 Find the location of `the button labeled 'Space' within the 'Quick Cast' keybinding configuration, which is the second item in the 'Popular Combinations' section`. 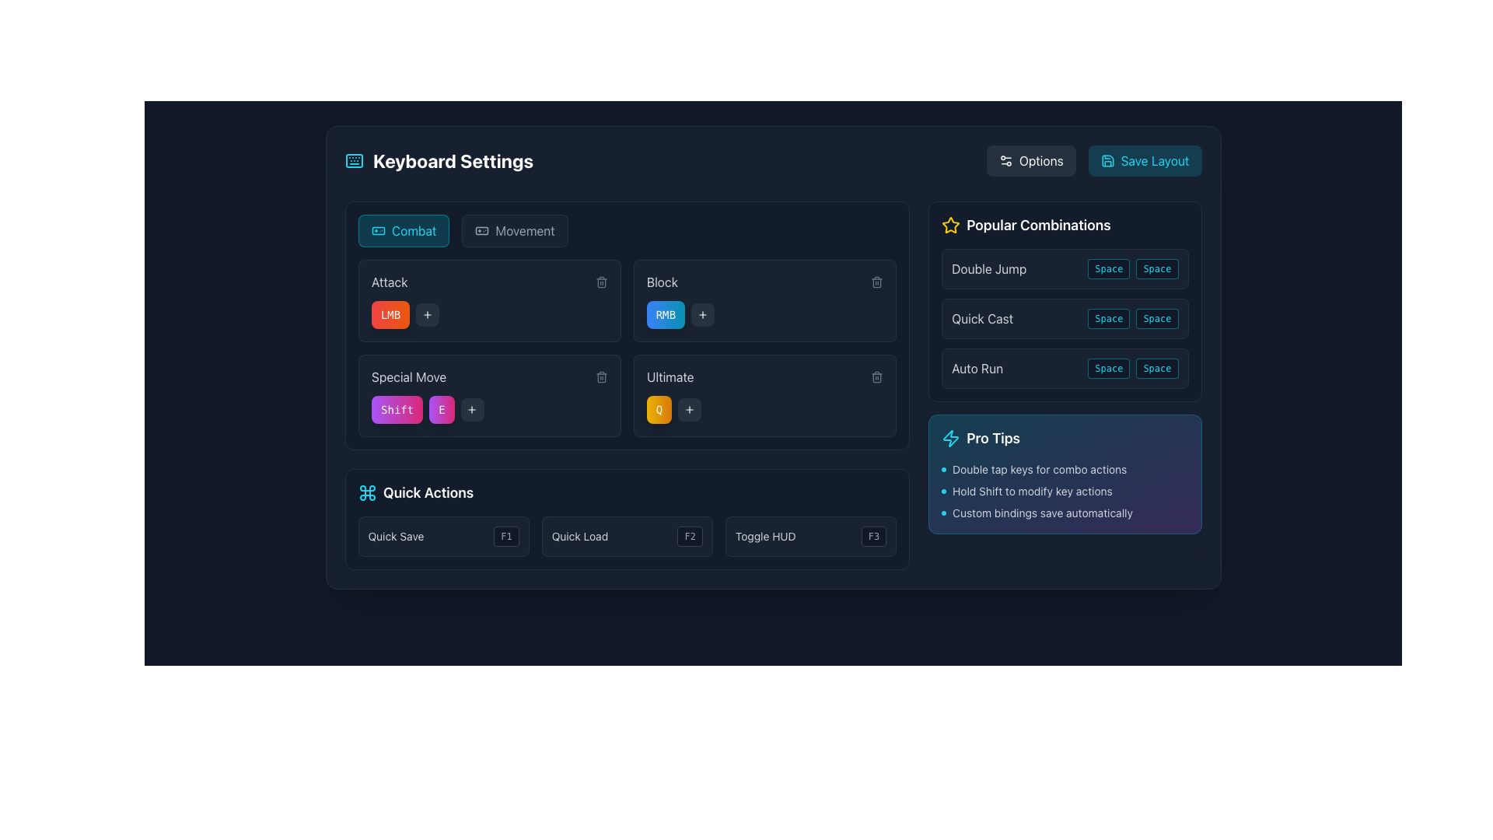

the button labeled 'Space' within the 'Quick Cast' keybinding configuration, which is the second item in the 'Popular Combinations' section is located at coordinates (1064, 317).